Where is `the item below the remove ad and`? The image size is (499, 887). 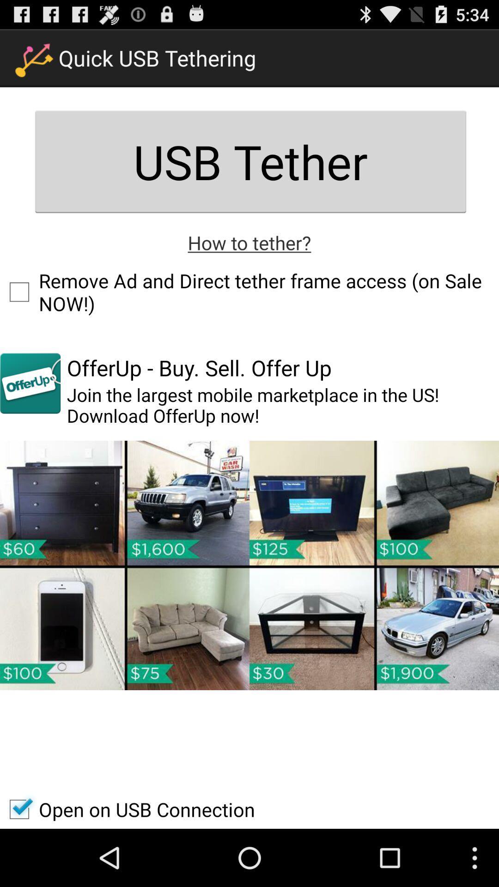 the item below the remove ad and is located at coordinates (30, 383).